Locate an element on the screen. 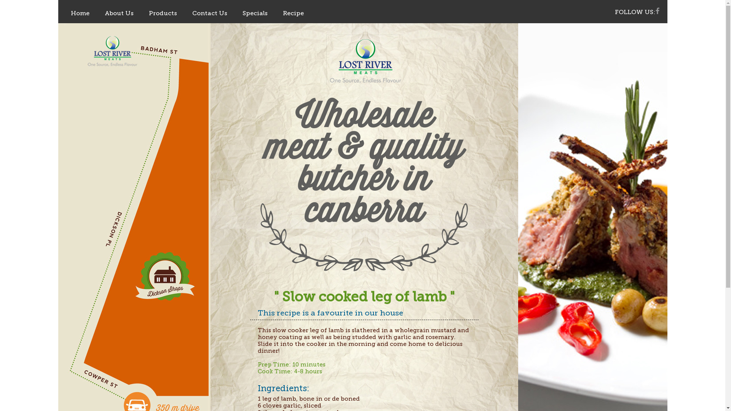 The width and height of the screenshot is (731, 411). 'Products' is located at coordinates (162, 13).